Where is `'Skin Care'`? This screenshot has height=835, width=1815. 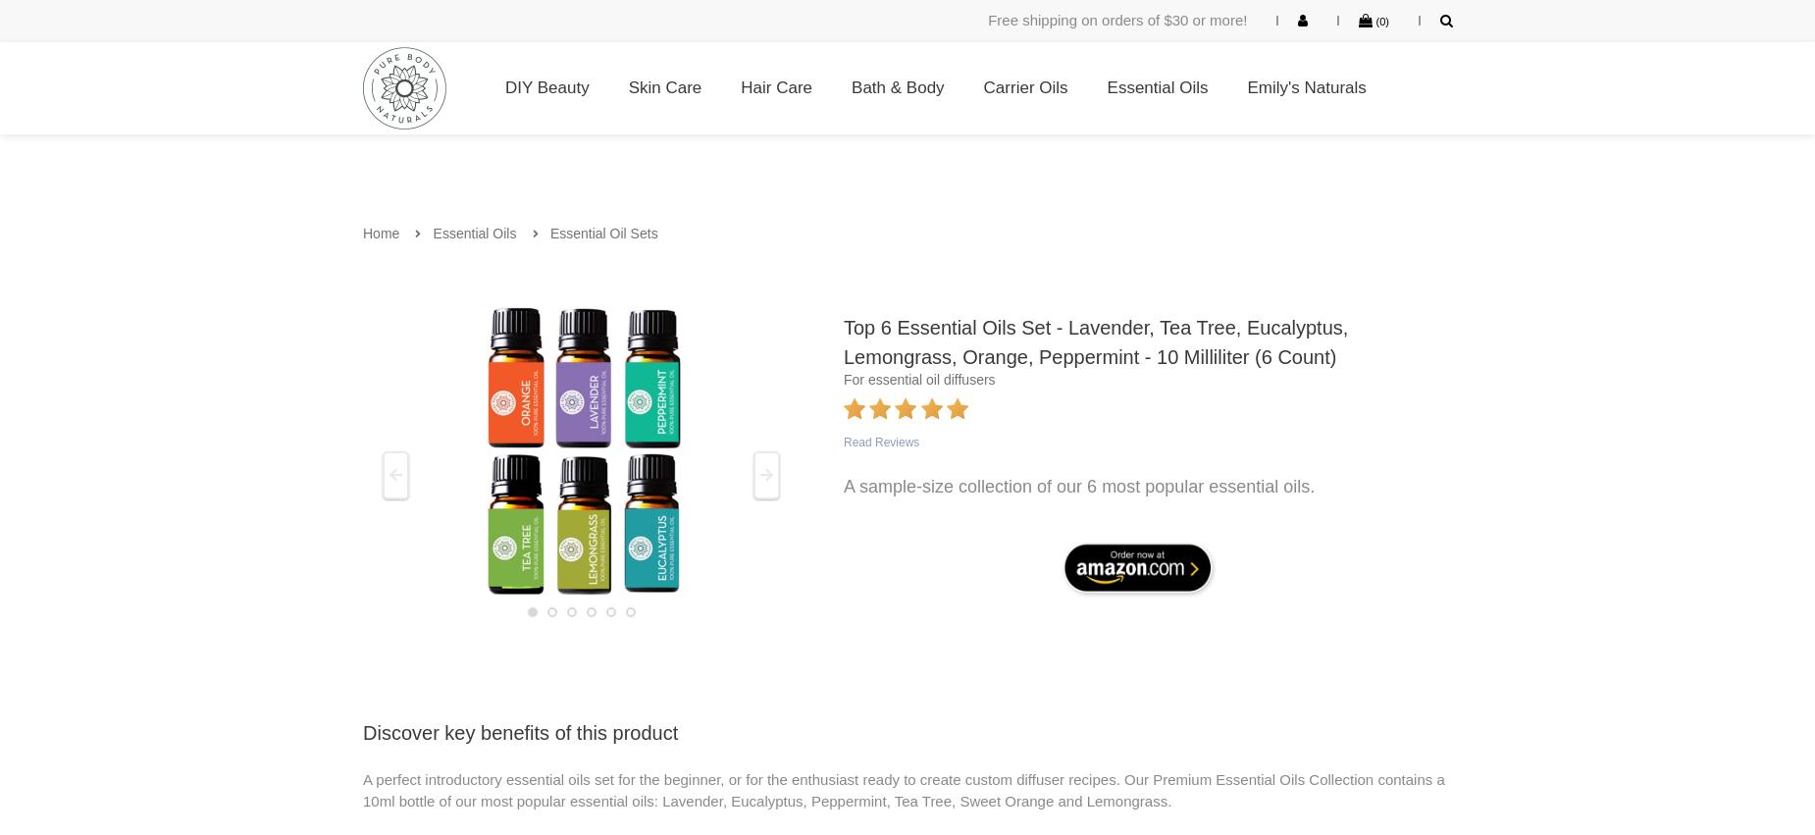
'Skin Care' is located at coordinates (664, 85).